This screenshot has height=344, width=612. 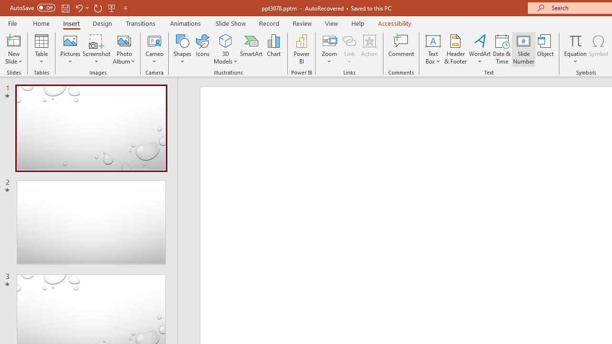 I want to click on 'Photo Album...', so click(x=123, y=49).